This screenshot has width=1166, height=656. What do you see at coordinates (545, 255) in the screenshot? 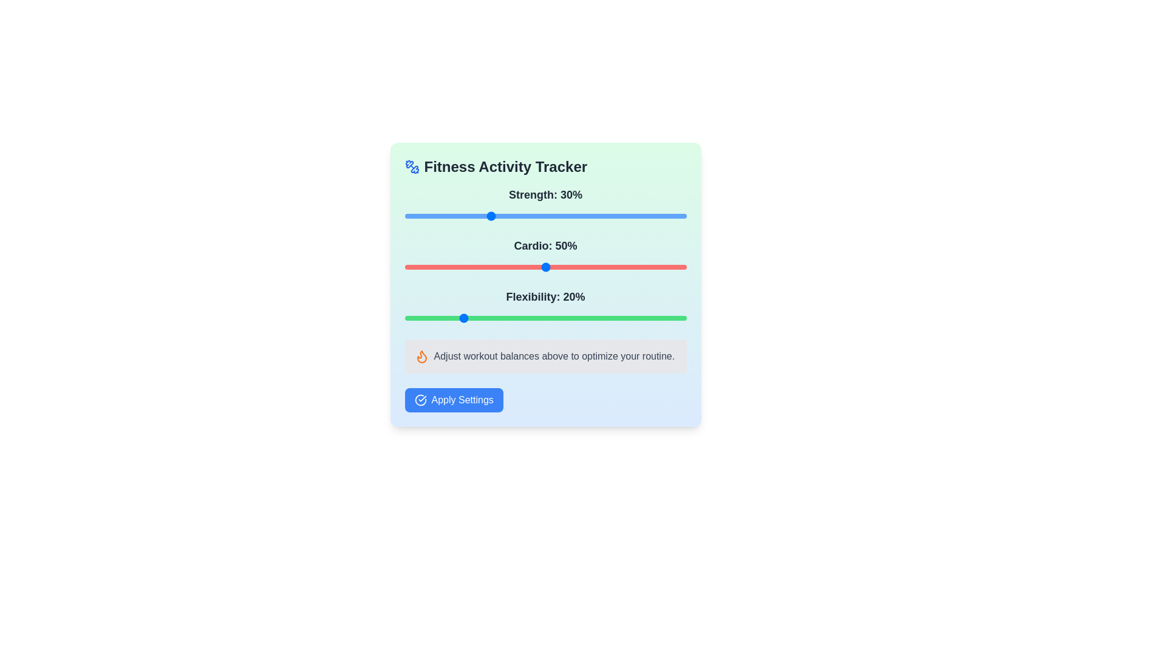
I see `the 'Cardio: 50%' slider to adjust its value` at bounding box center [545, 255].